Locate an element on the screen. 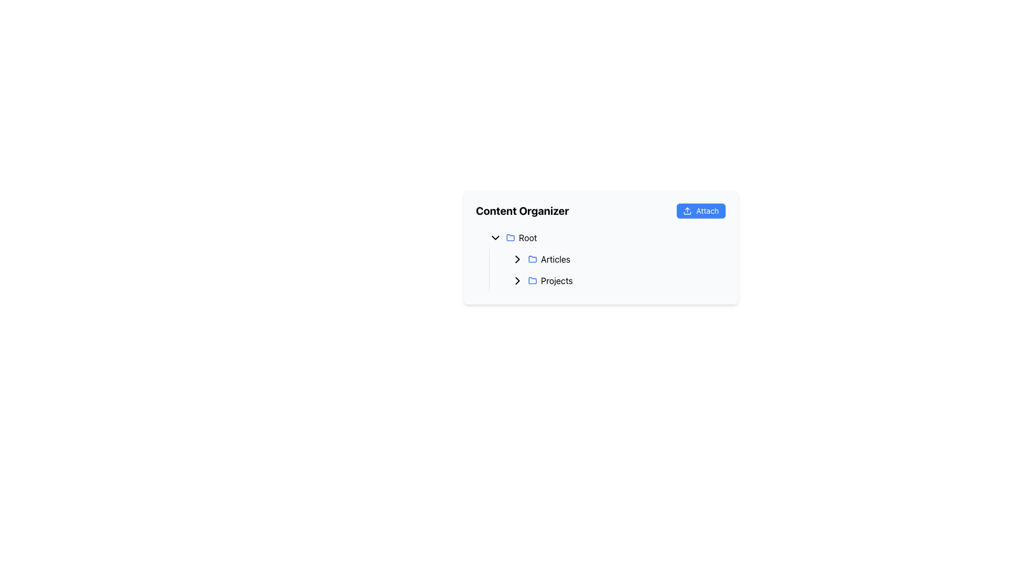  the 'Projects' Tree List Item is located at coordinates (611, 280).